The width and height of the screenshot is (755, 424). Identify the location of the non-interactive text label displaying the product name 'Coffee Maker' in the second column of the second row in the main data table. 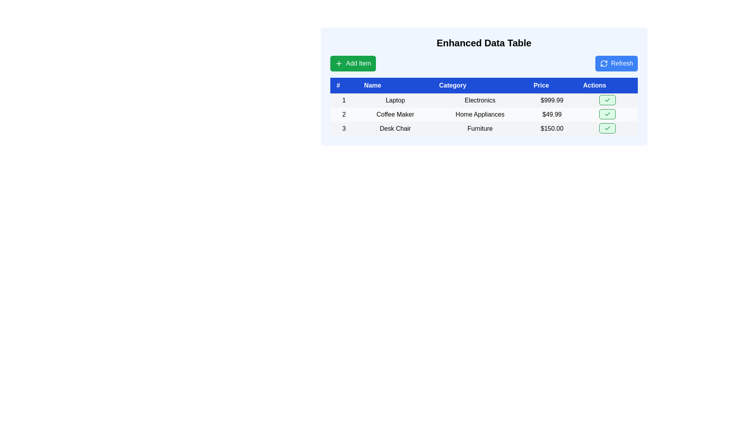
(395, 115).